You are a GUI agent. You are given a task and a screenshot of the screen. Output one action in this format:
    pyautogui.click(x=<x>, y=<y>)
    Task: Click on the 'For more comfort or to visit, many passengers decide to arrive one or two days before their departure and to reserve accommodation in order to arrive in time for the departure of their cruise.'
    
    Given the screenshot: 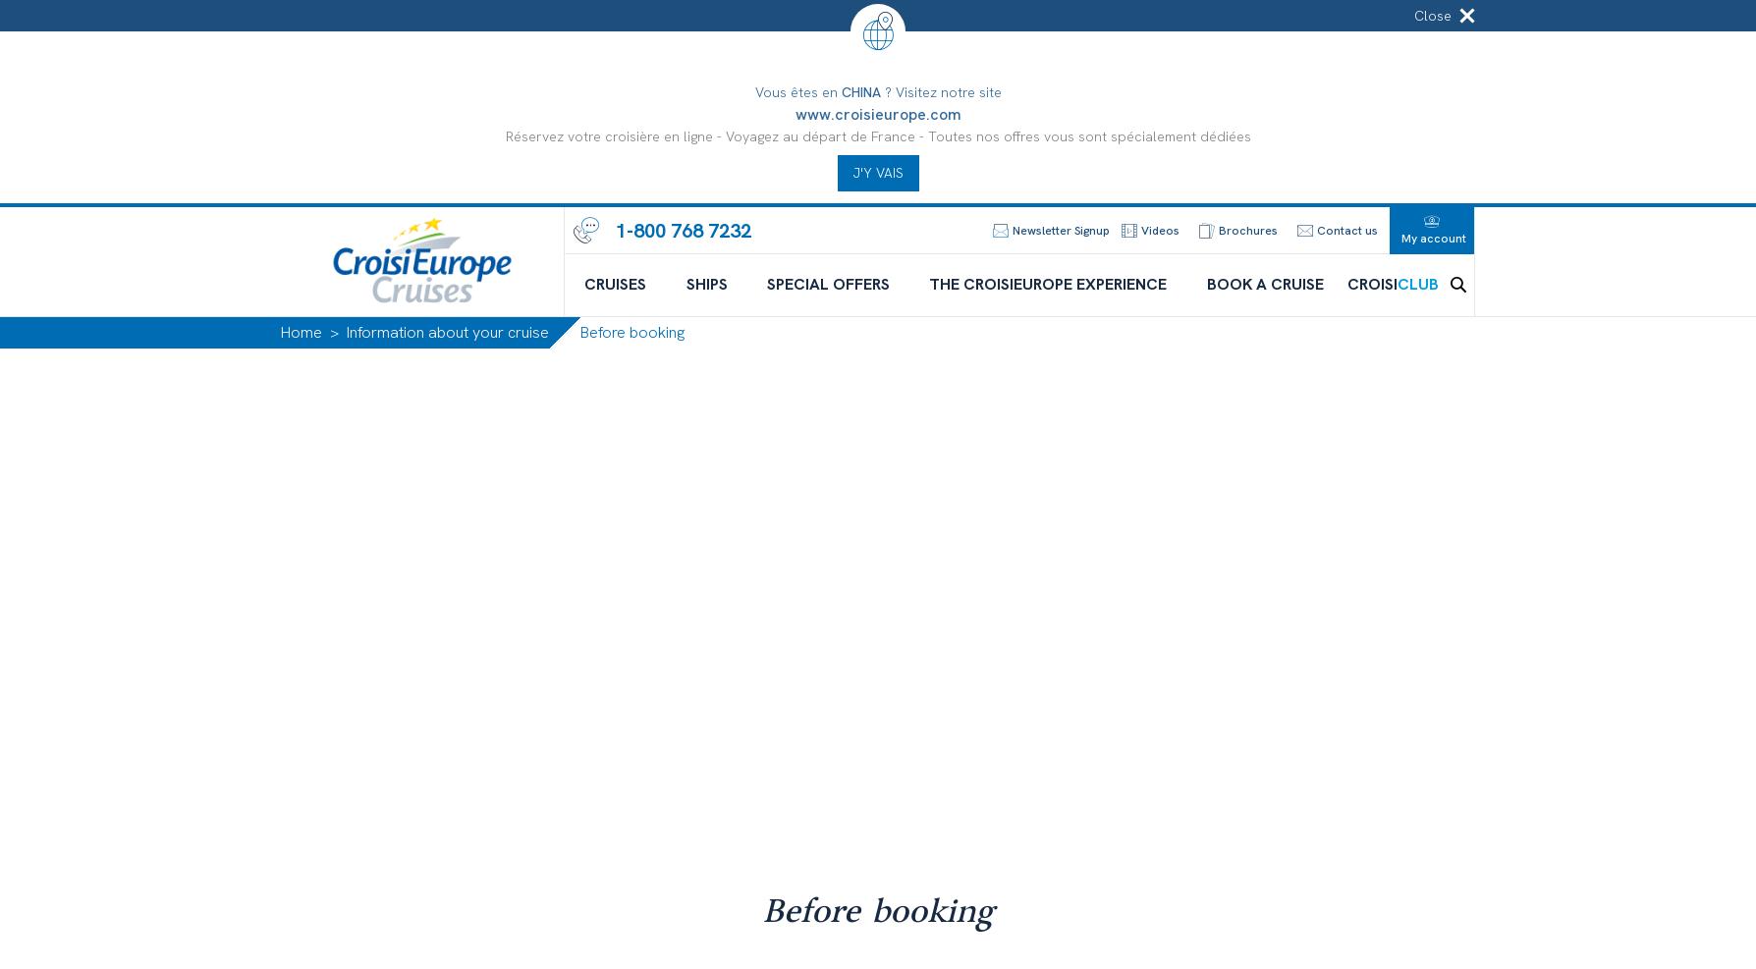 What is the action you would take?
    pyautogui.click(x=1319, y=780)
    